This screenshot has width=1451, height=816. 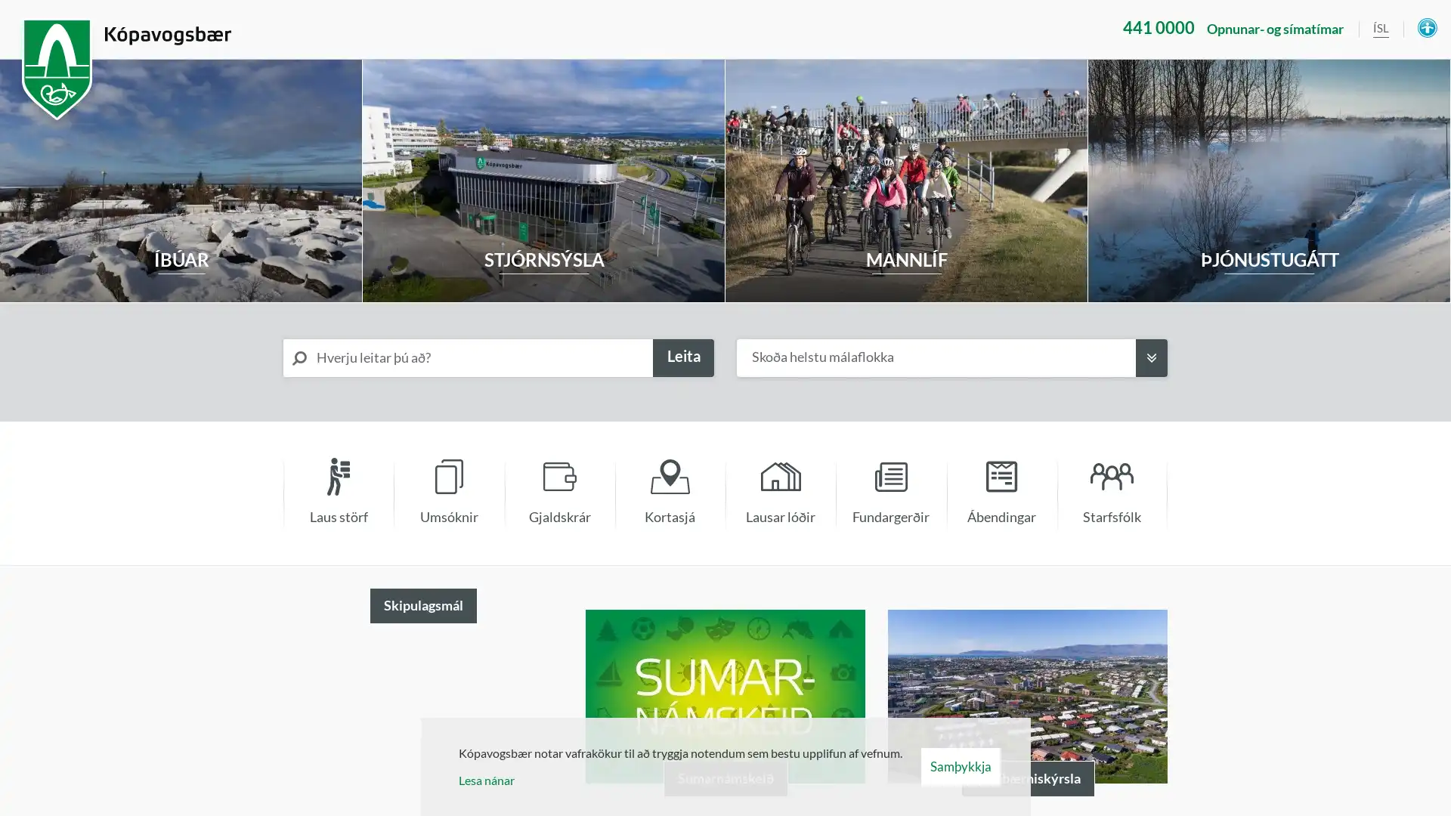 What do you see at coordinates (959, 766) in the screenshot?
I see `Samykkja vafrakokur` at bounding box center [959, 766].